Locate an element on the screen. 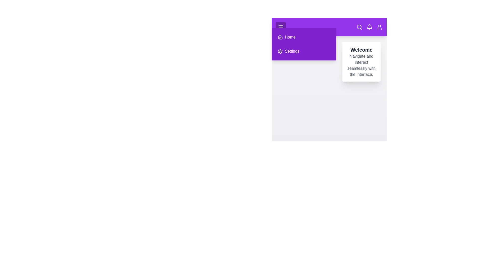  menu button to toggle the navigation menu visibility is located at coordinates (280, 27).